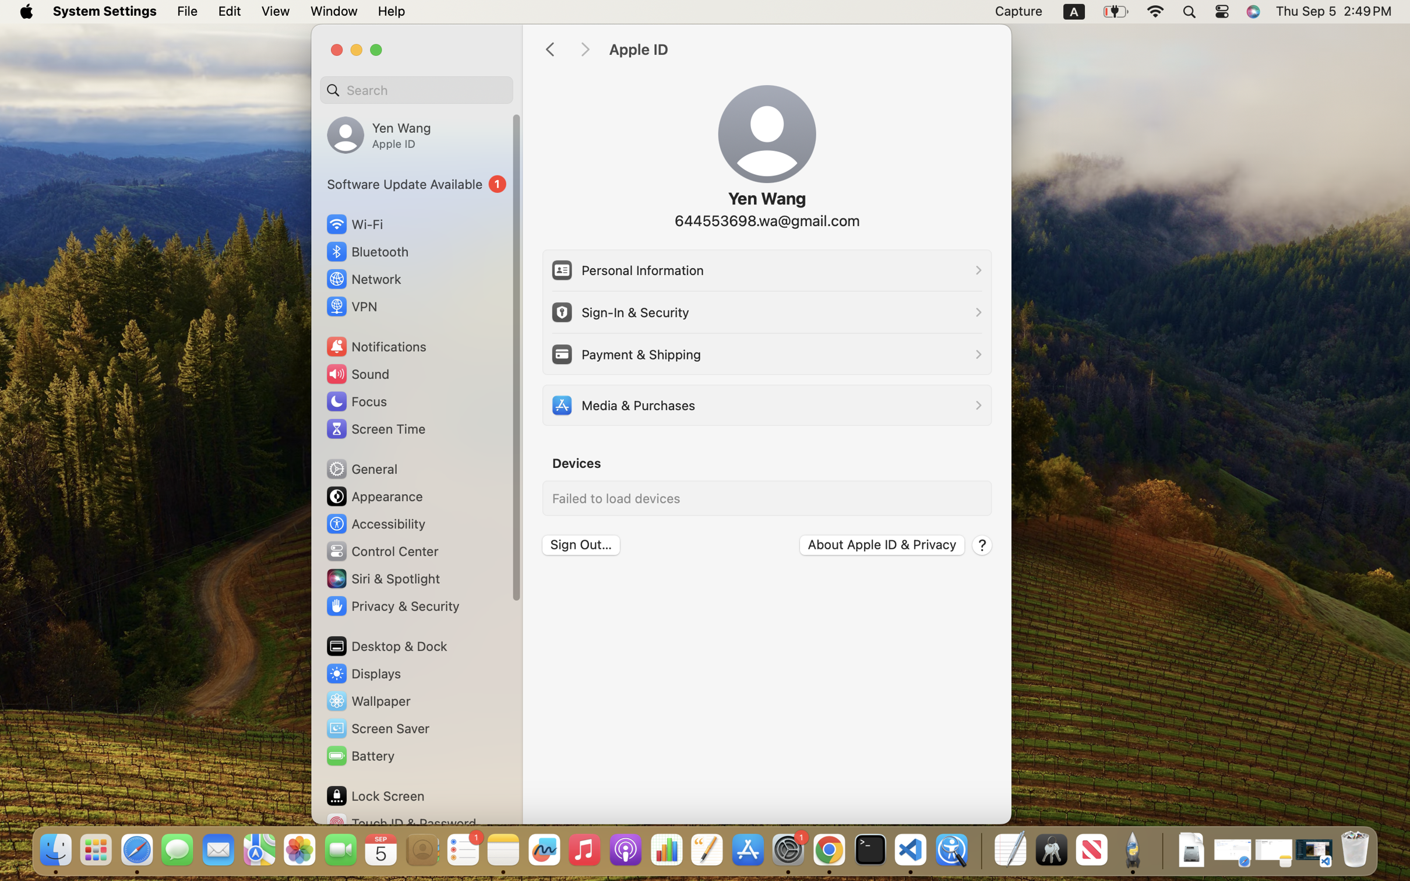 This screenshot has height=881, width=1410. Describe the element at coordinates (375, 523) in the screenshot. I see `'Accessibility'` at that location.